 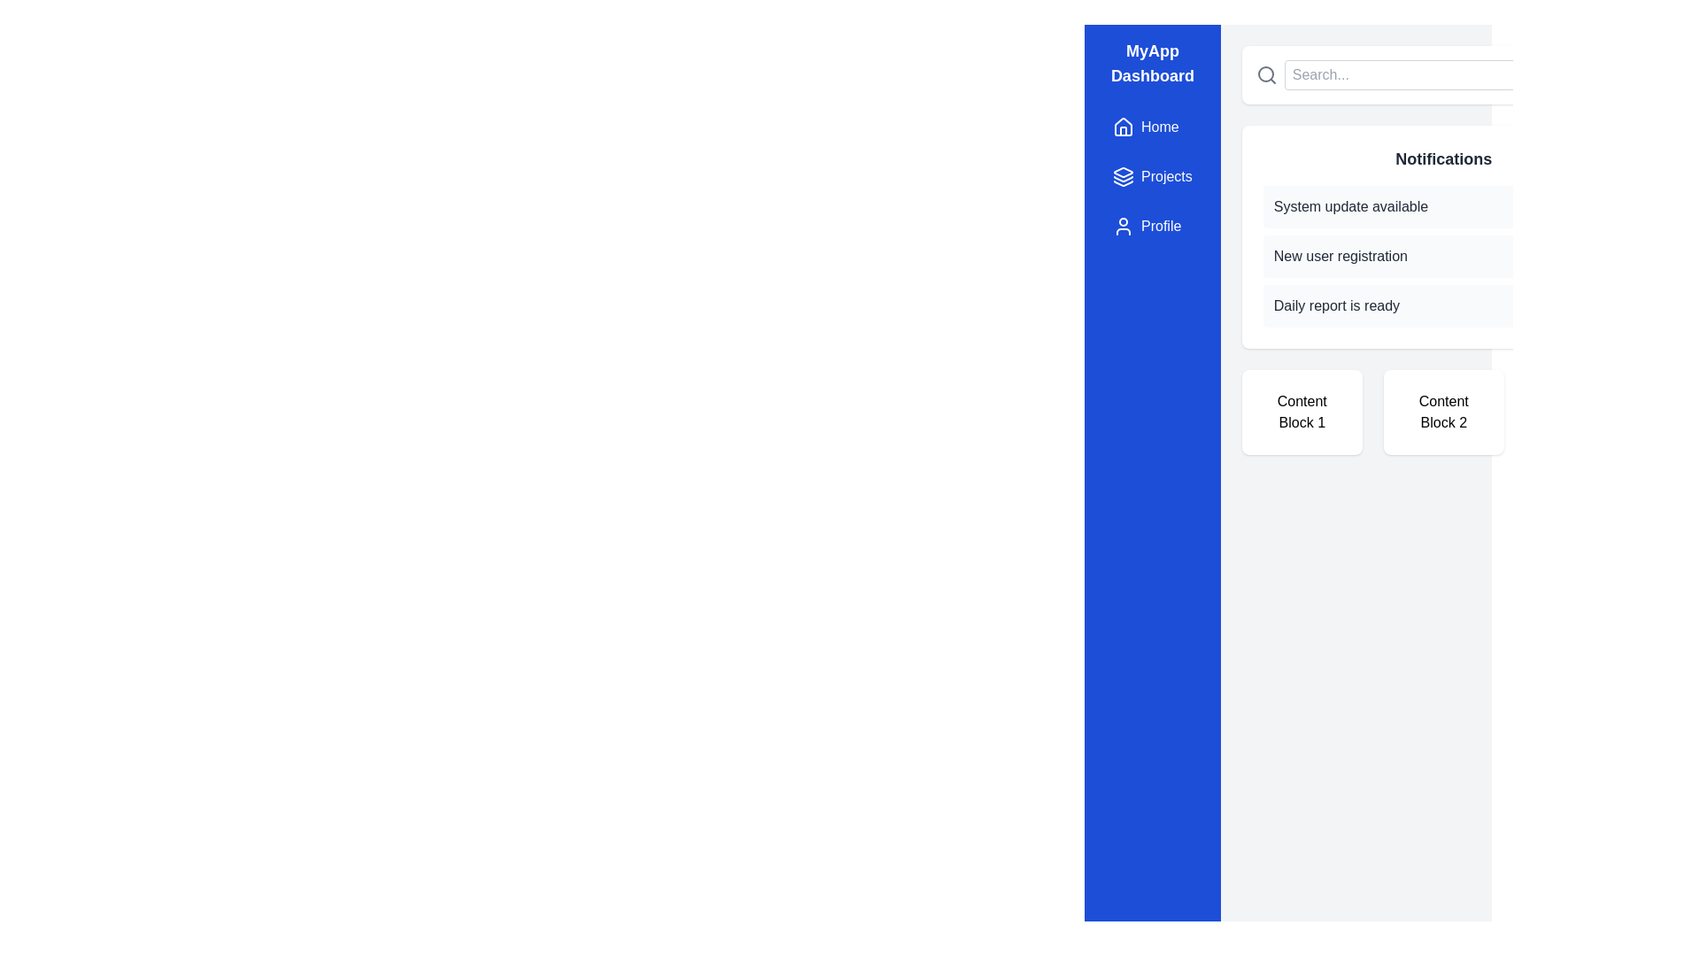 What do you see at coordinates (1122, 125) in the screenshot?
I see `the 'Home' icon located at the top of the vertical navigation sidebar` at bounding box center [1122, 125].